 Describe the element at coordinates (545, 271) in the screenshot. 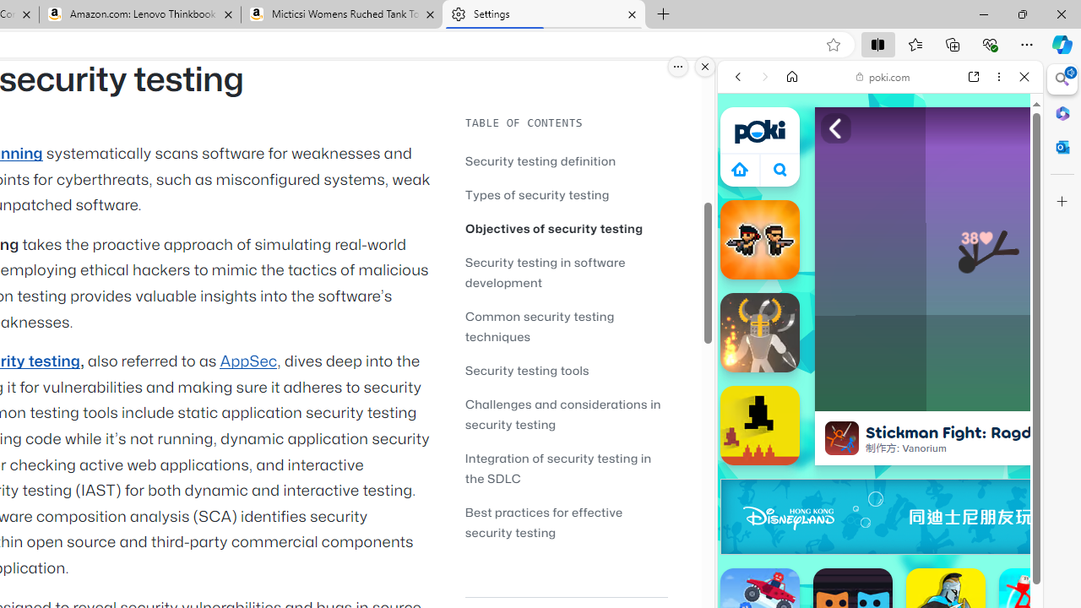

I see `'Security testing in software development'` at that location.